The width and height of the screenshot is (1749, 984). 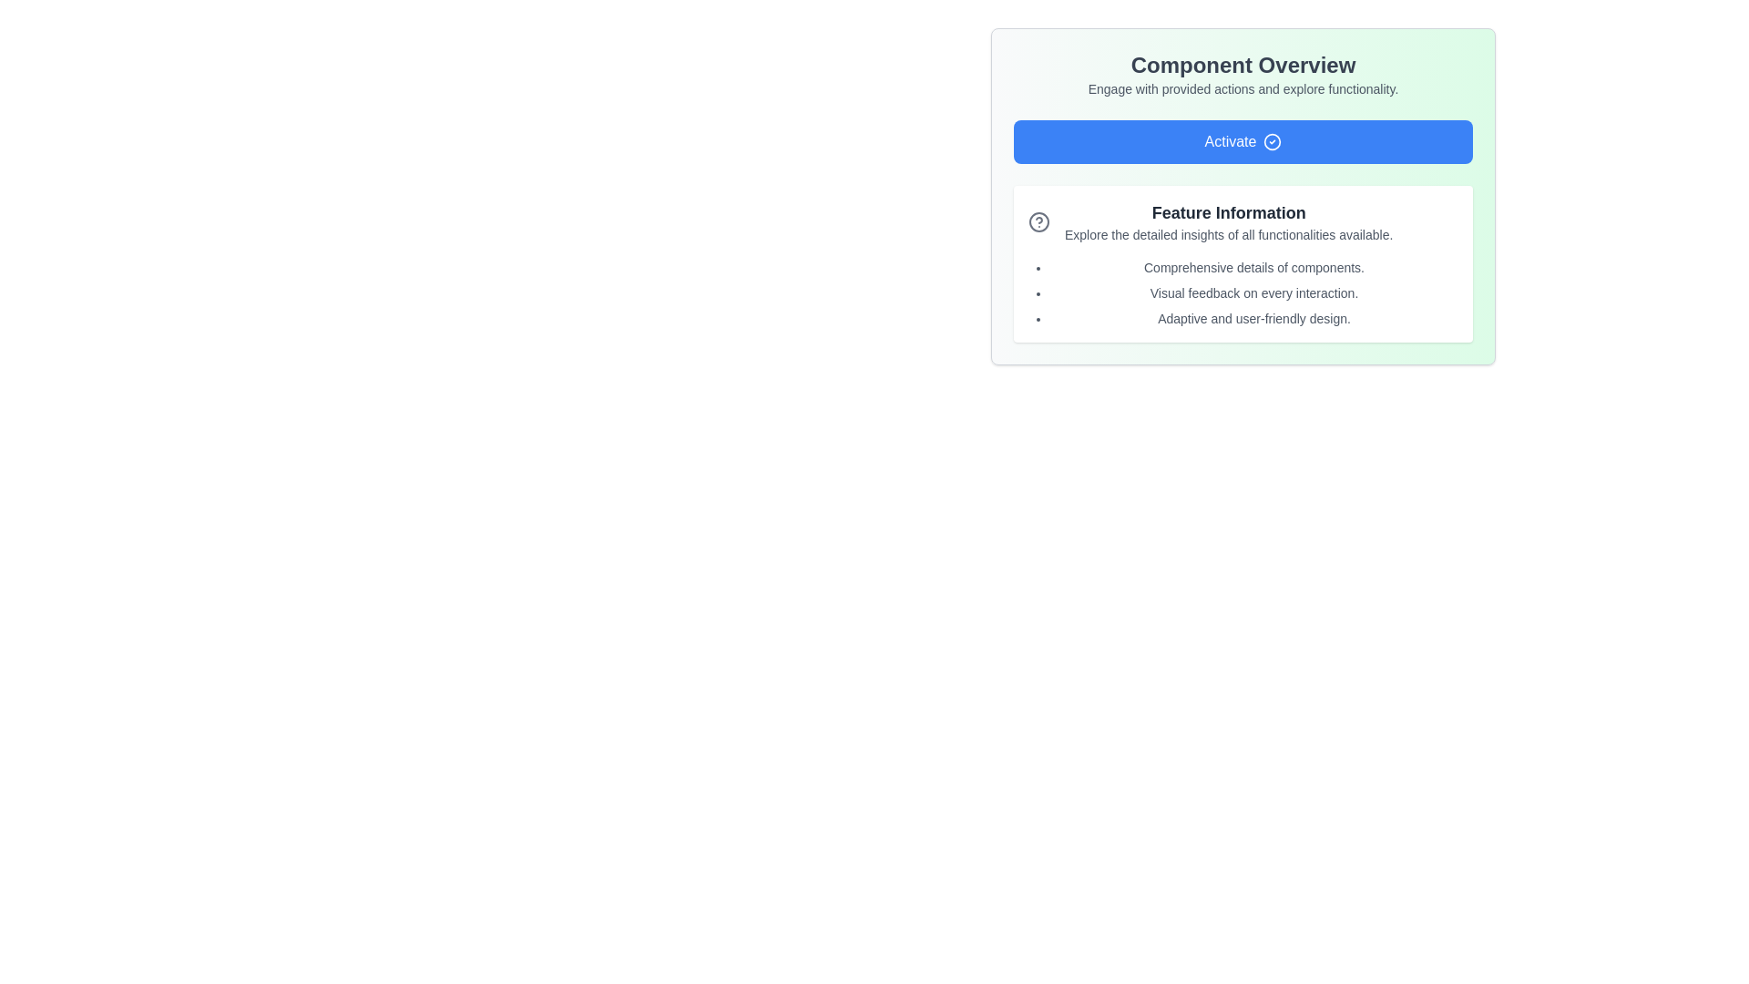 What do you see at coordinates (1242, 65) in the screenshot?
I see `heading text 'Component Overview' which is styled in bold with a large font size and dark gray color on a light green background, positioned centrally at the top of the main content area` at bounding box center [1242, 65].